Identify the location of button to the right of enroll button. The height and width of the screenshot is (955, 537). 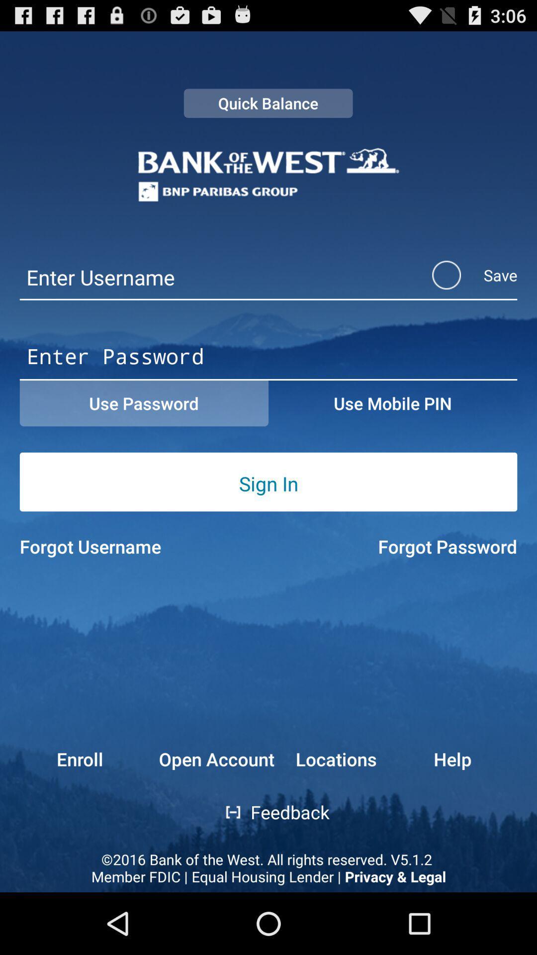
(226, 812).